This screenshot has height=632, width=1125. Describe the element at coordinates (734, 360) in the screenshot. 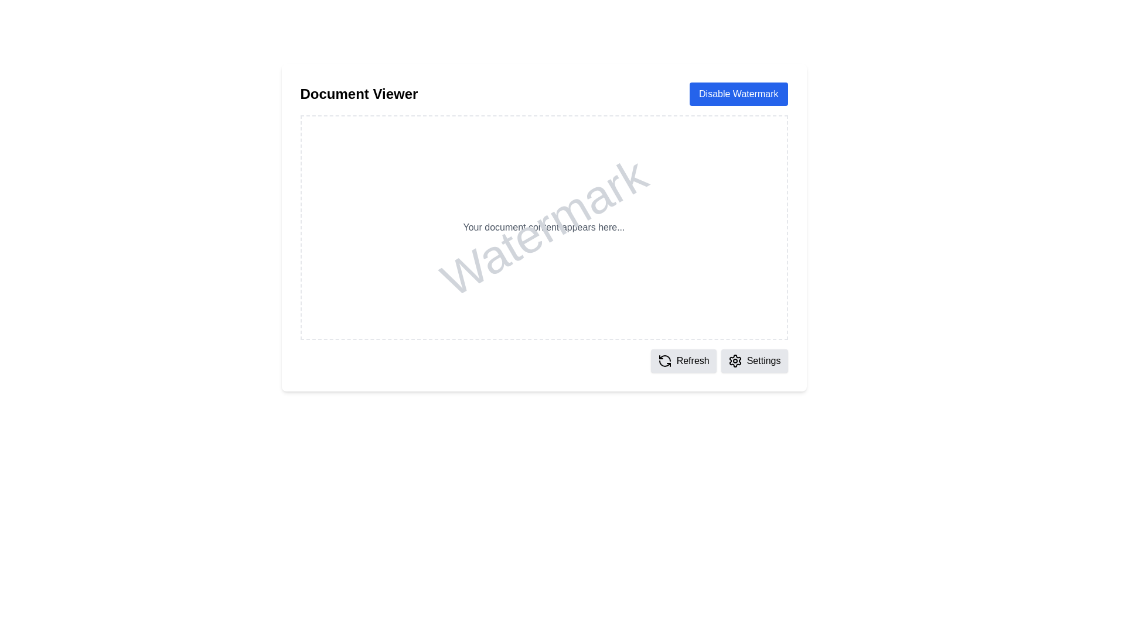

I see `the gear icon located to the left of the 'Settings' label in the bottom-right corner of the interface` at that location.